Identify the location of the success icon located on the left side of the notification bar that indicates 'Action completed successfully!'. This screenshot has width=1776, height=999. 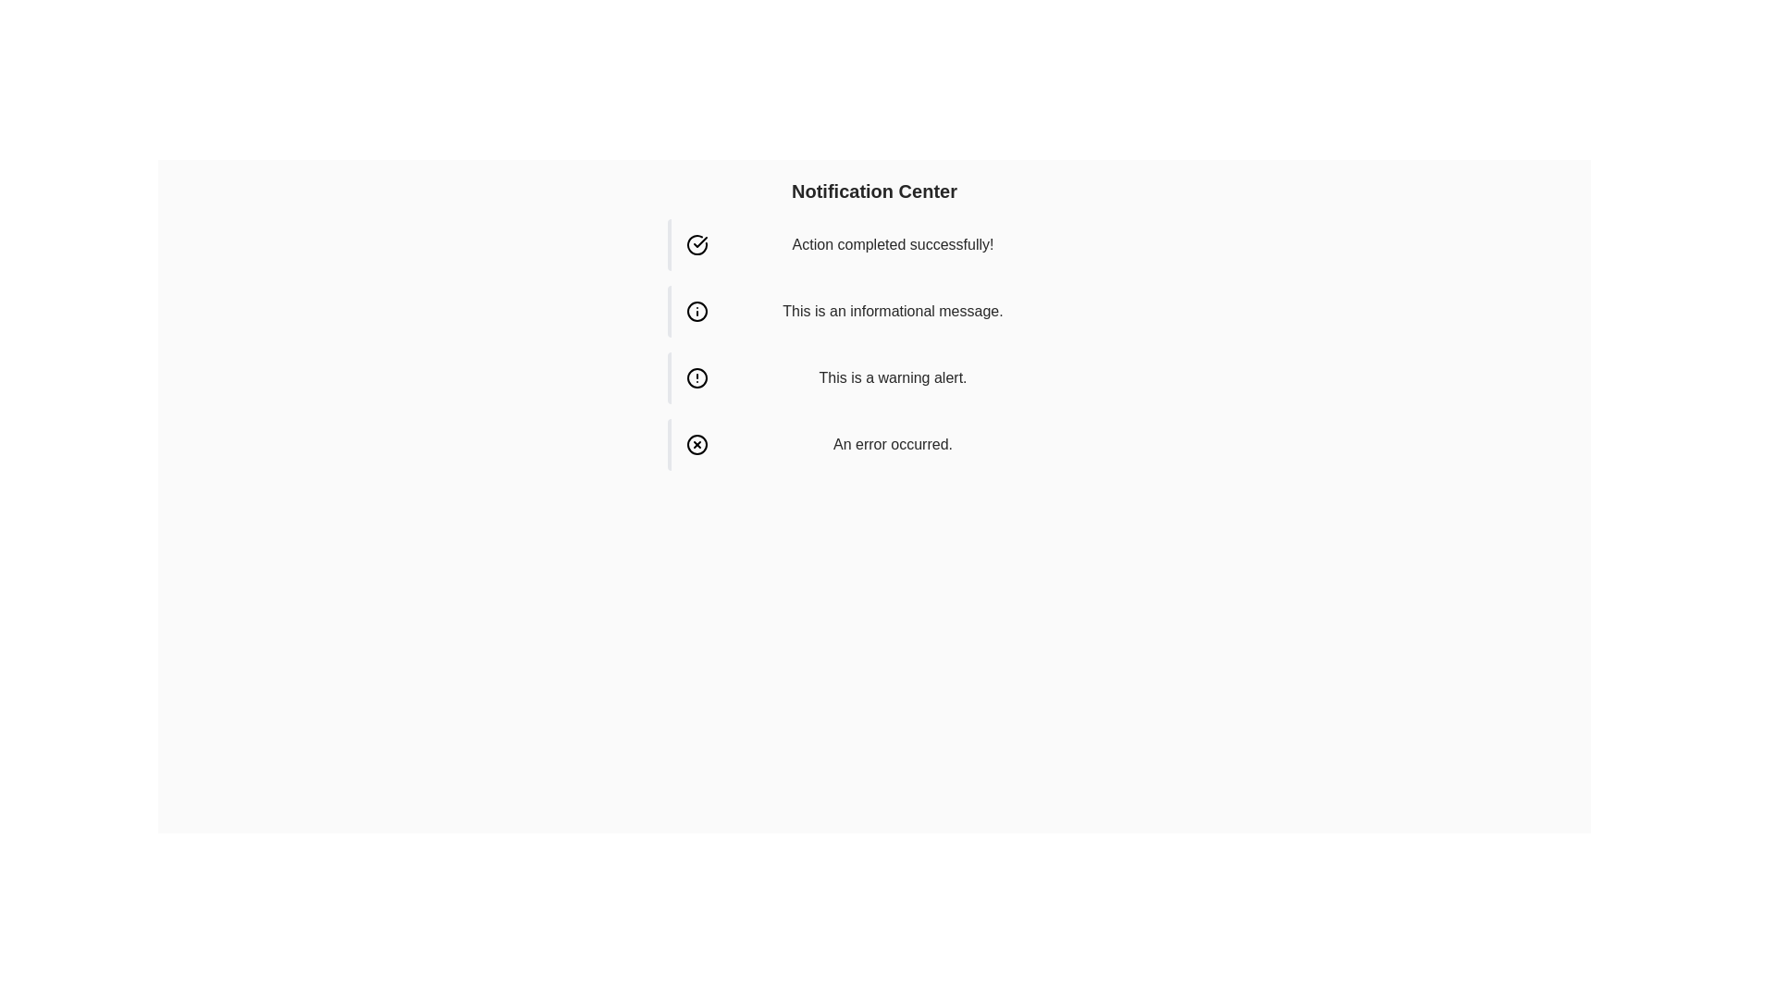
(696, 244).